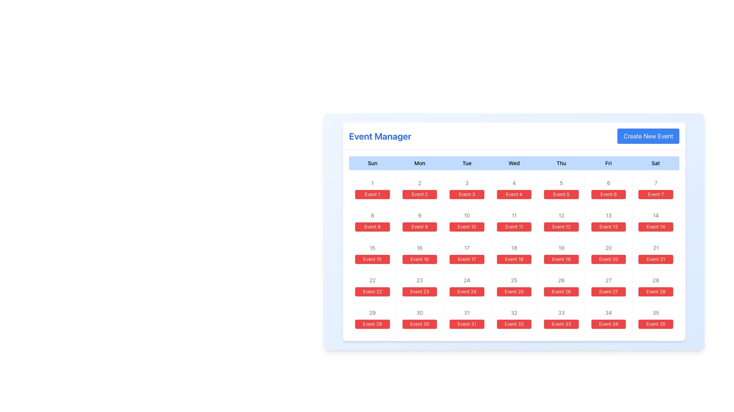 Image resolution: width=734 pixels, height=412 pixels. Describe the element at coordinates (419, 189) in the screenshot. I see `the second Grid item under the 'Mon' header, which displays the number '2' in grey and 'Event 2' in a red pill-shaped badge` at that location.